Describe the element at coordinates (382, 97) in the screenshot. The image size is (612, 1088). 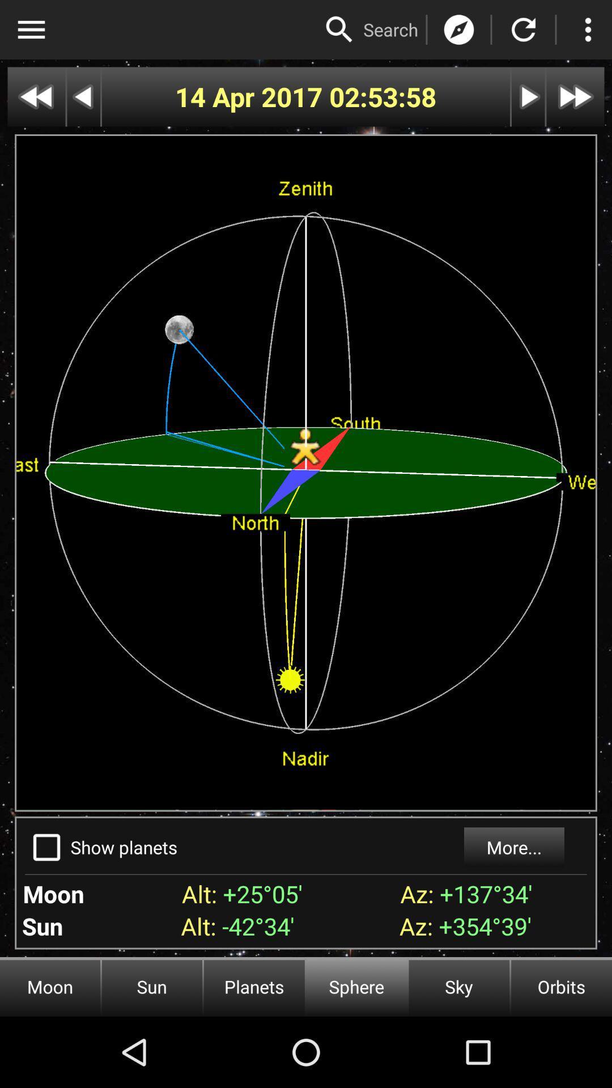
I see `app to the right of the 14 apr 2017  item` at that location.